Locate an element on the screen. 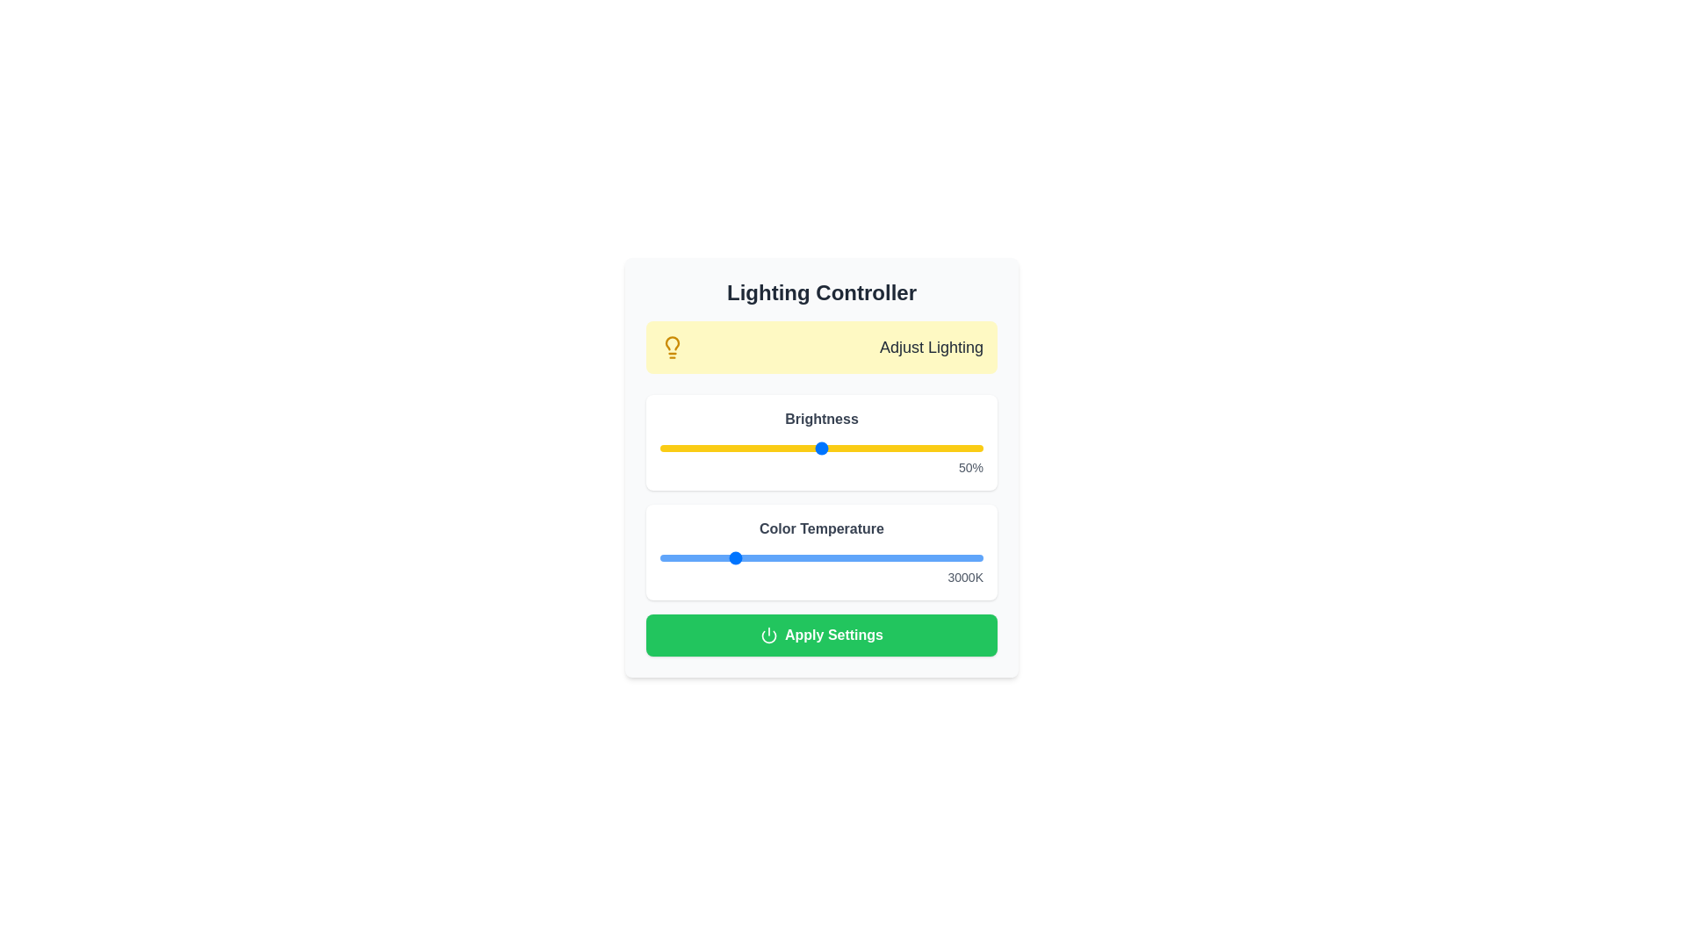 The width and height of the screenshot is (1686, 948). the color temperature slider to 2980 K is located at coordinates (731, 558).